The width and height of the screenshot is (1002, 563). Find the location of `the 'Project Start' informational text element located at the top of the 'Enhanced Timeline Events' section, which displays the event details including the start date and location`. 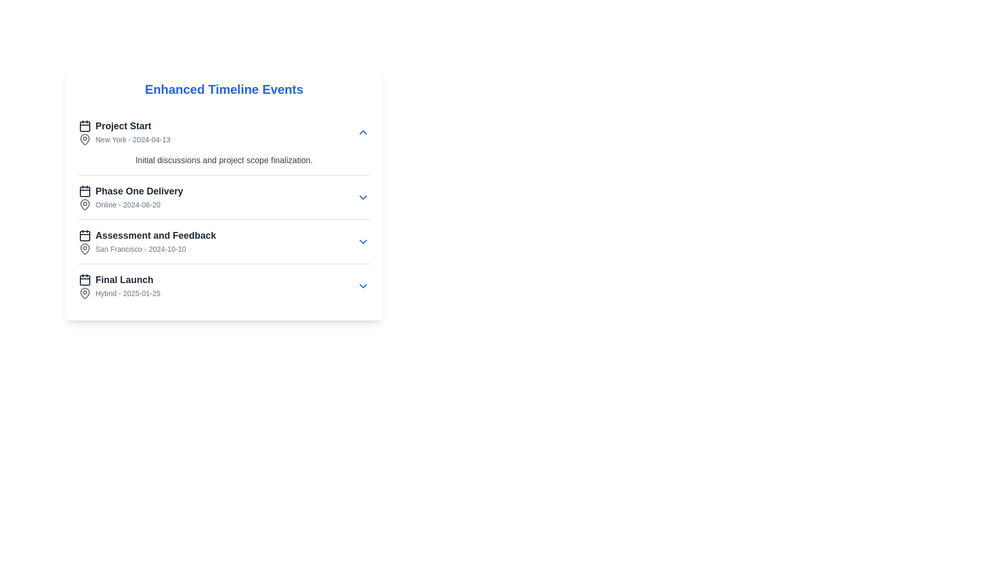

the 'Project Start' informational text element located at the top of the 'Enhanced Timeline Events' section, which displays the event details including the start date and location is located at coordinates (124, 132).